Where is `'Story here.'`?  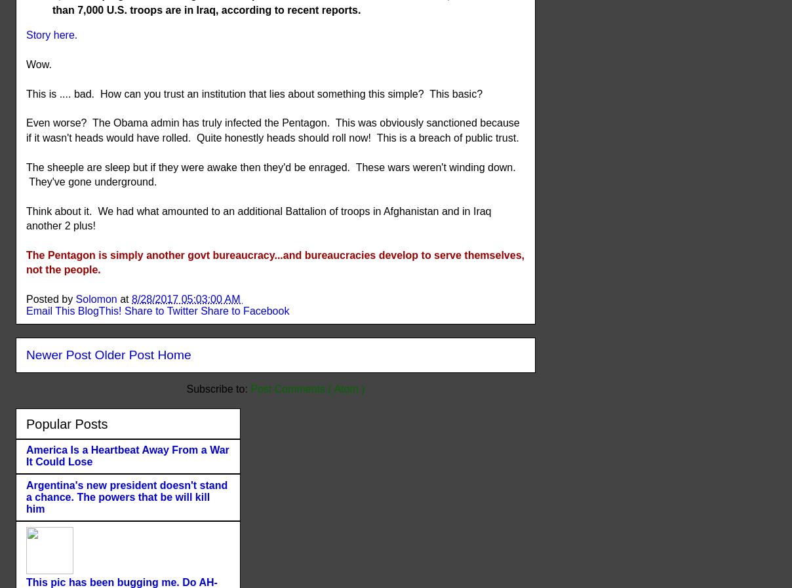
'Story here.' is located at coordinates (52, 34).